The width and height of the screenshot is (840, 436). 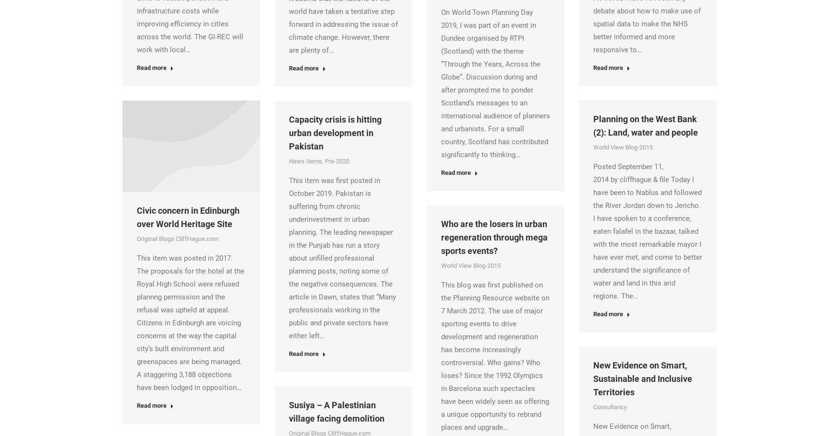 I want to click on 'Original Blogs CliffHague.com', so click(x=177, y=239).